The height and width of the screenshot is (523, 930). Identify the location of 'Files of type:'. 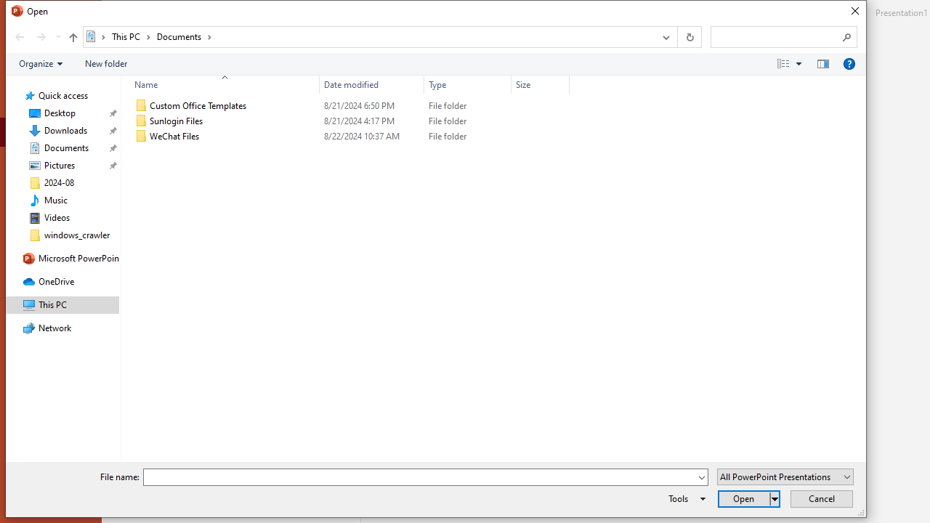
(784, 477).